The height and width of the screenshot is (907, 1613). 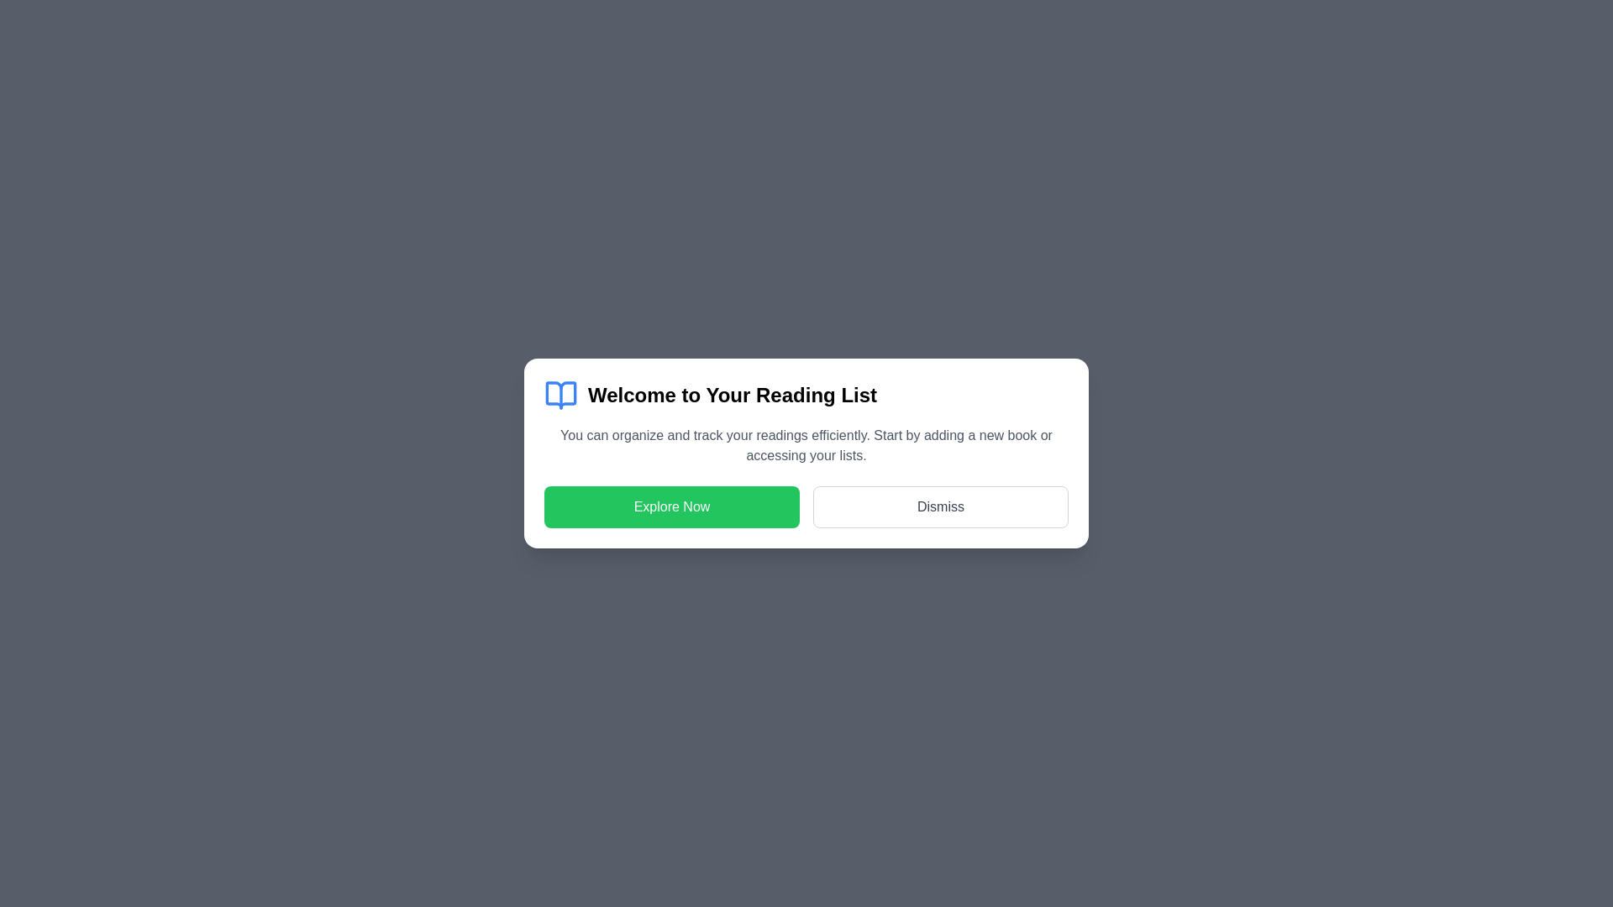 What do you see at coordinates (560, 395) in the screenshot?
I see `the center of the icon to emphasize its visual representation` at bounding box center [560, 395].